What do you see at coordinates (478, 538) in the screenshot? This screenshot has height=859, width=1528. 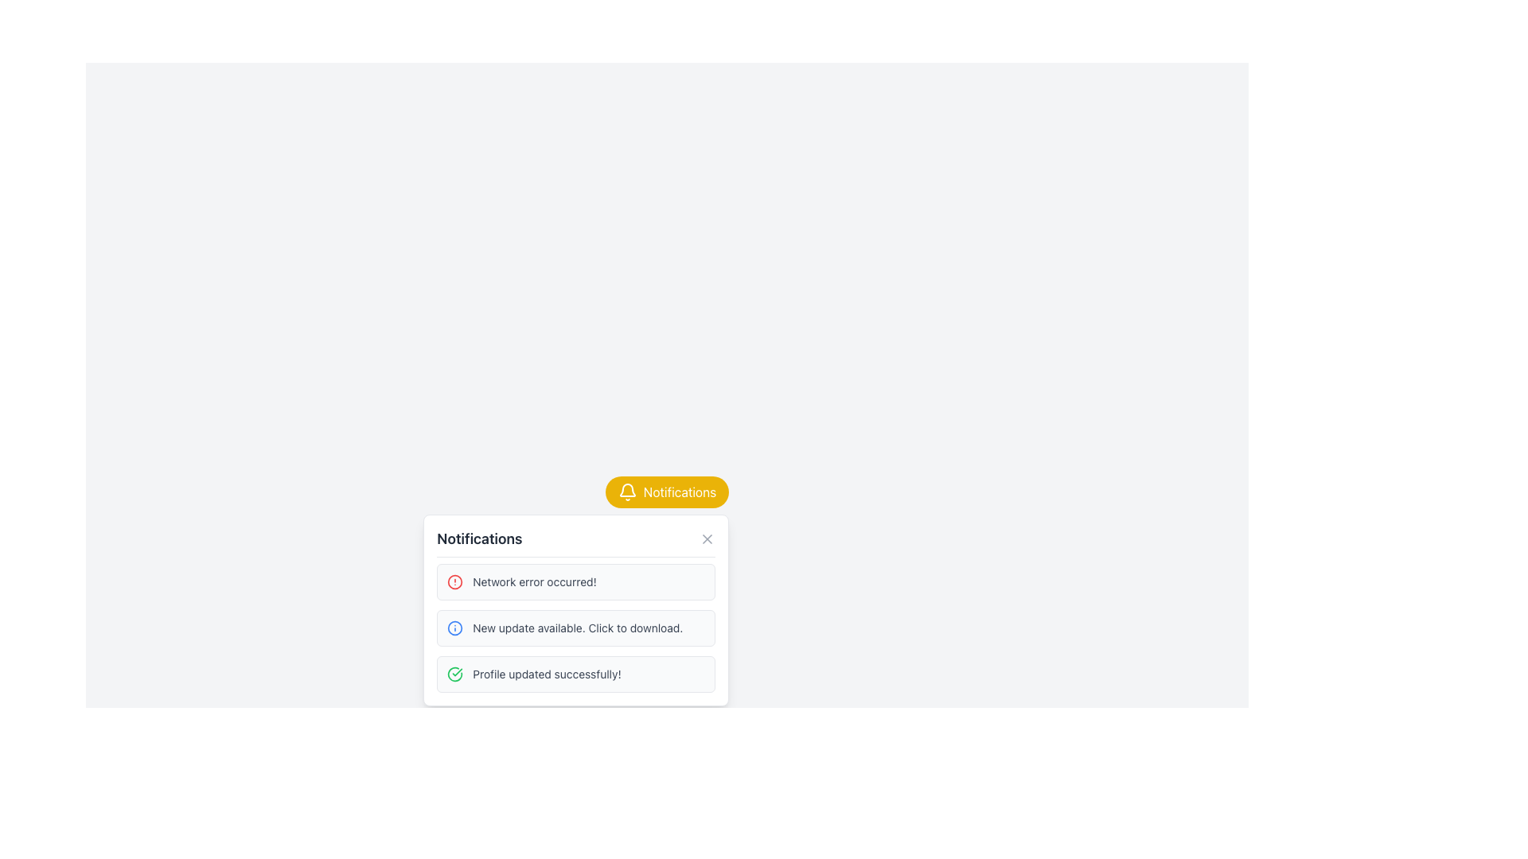 I see `the 'Notifications' text label, which is a large, bold, dark gray label located in the header area of the notification panel` at bounding box center [478, 538].